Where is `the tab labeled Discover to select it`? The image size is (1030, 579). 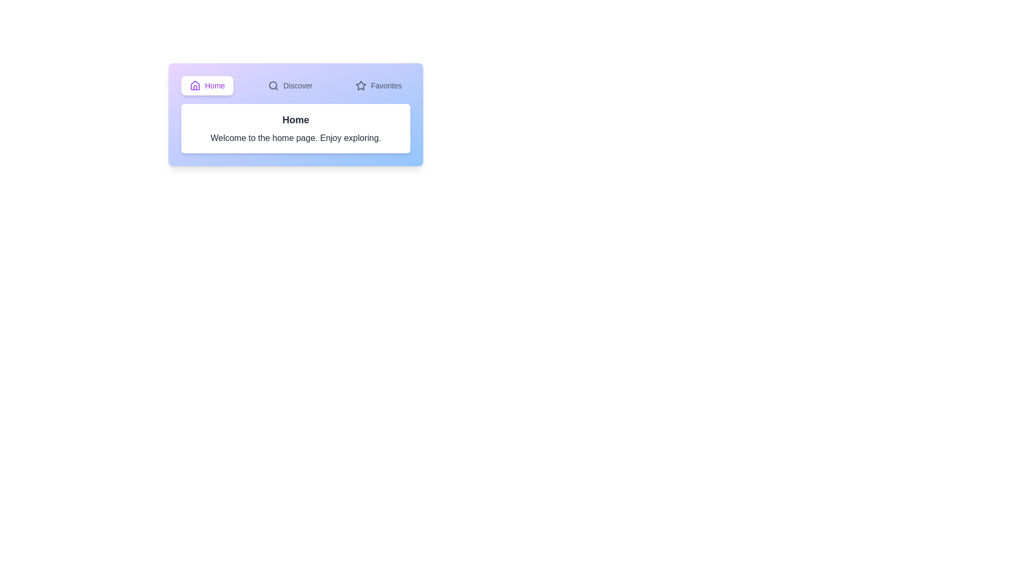 the tab labeled Discover to select it is located at coordinates (290, 85).